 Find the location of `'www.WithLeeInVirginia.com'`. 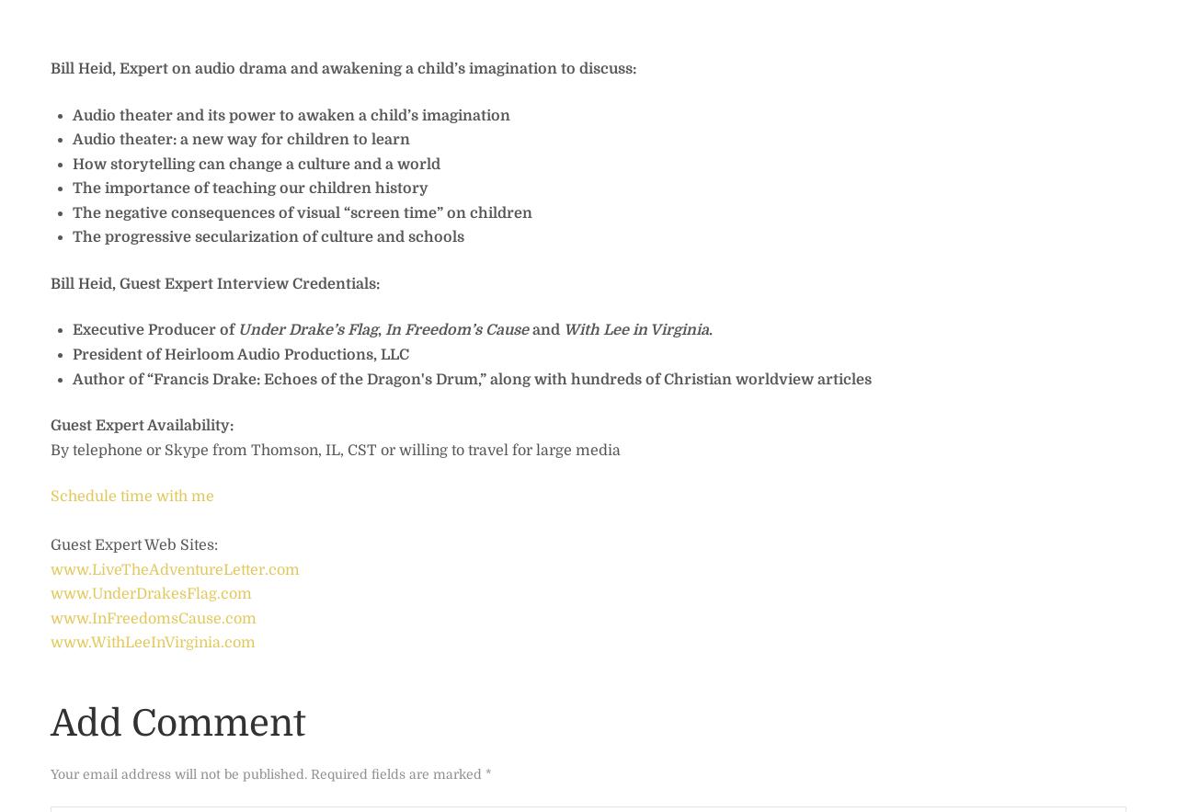

'www.WithLeeInVirginia.com' is located at coordinates (51, 642).